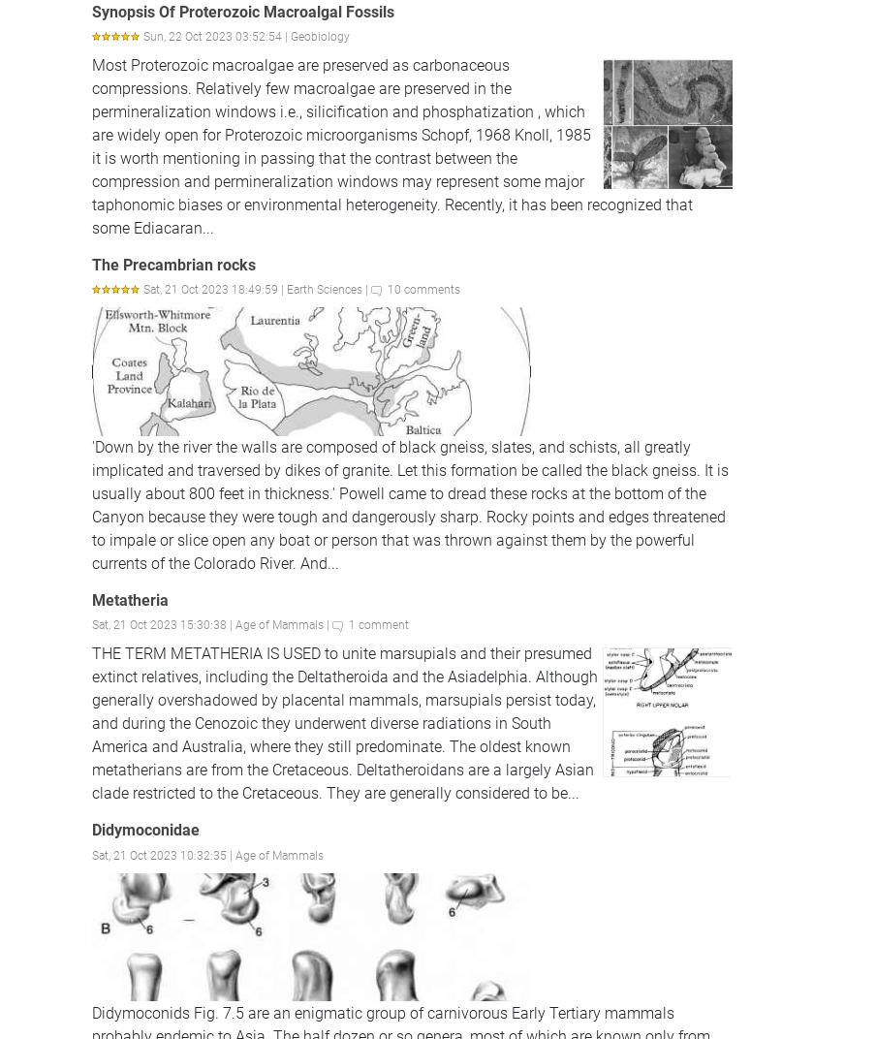  What do you see at coordinates (162, 625) in the screenshot?
I see `'Sat, 21 Oct 2023 15:30:38                                    |'` at bounding box center [162, 625].